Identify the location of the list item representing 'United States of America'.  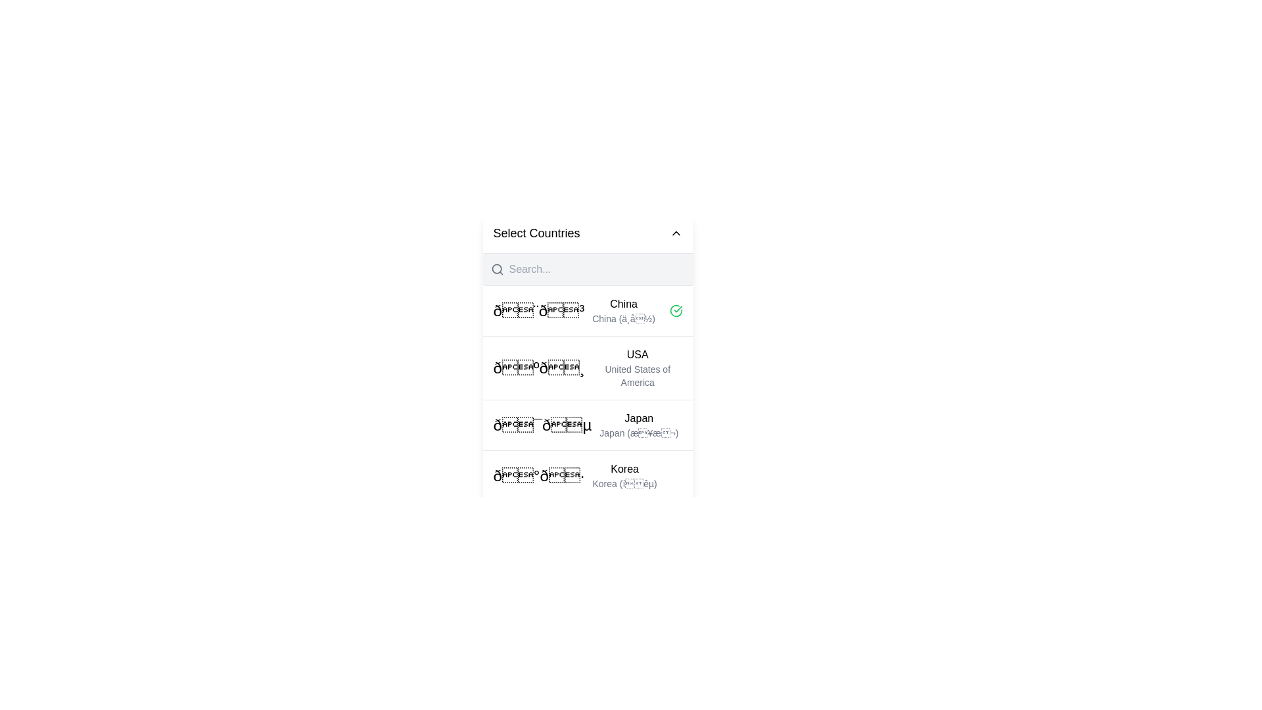
(587, 367).